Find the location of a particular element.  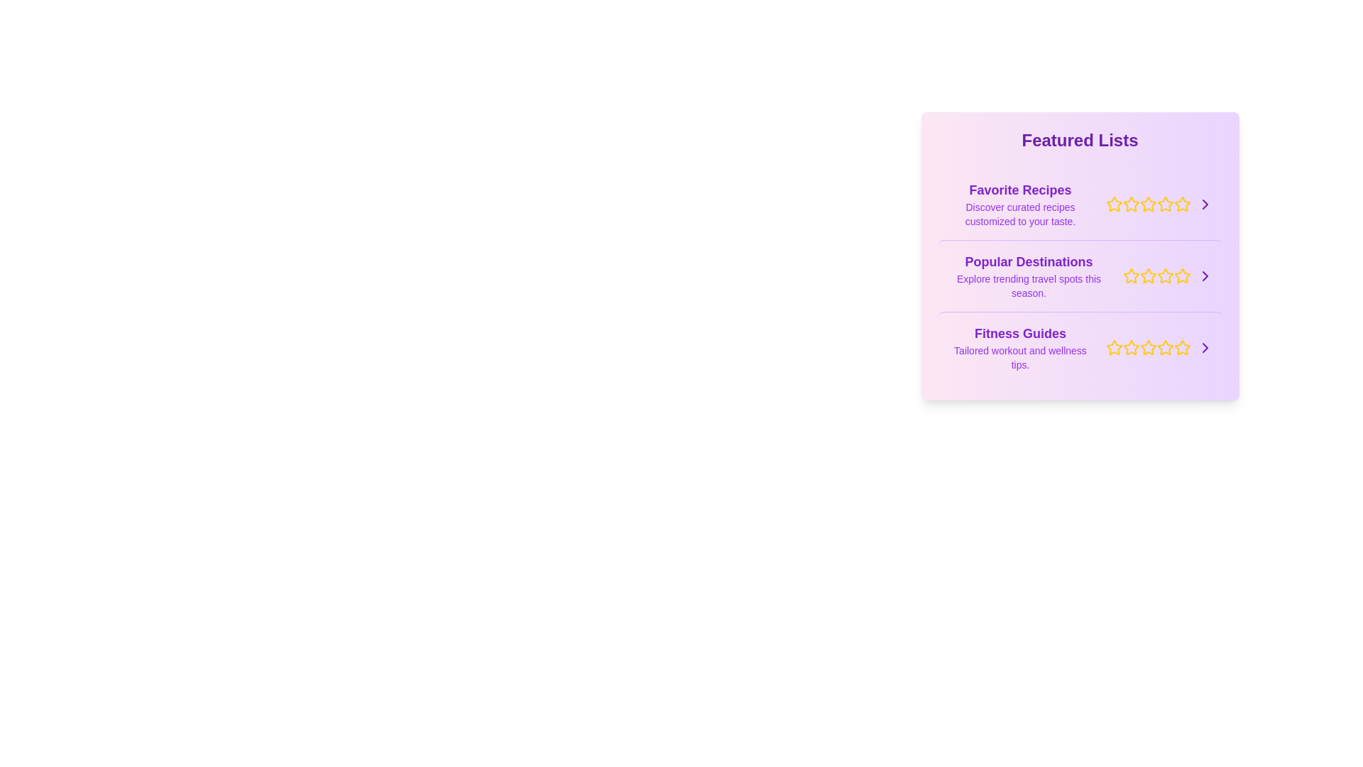

the list item labeled 'Favorite Recipes' to select it is located at coordinates (1079, 205).